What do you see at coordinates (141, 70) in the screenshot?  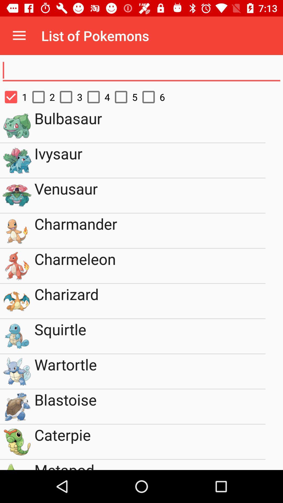 I see `type on top option` at bounding box center [141, 70].